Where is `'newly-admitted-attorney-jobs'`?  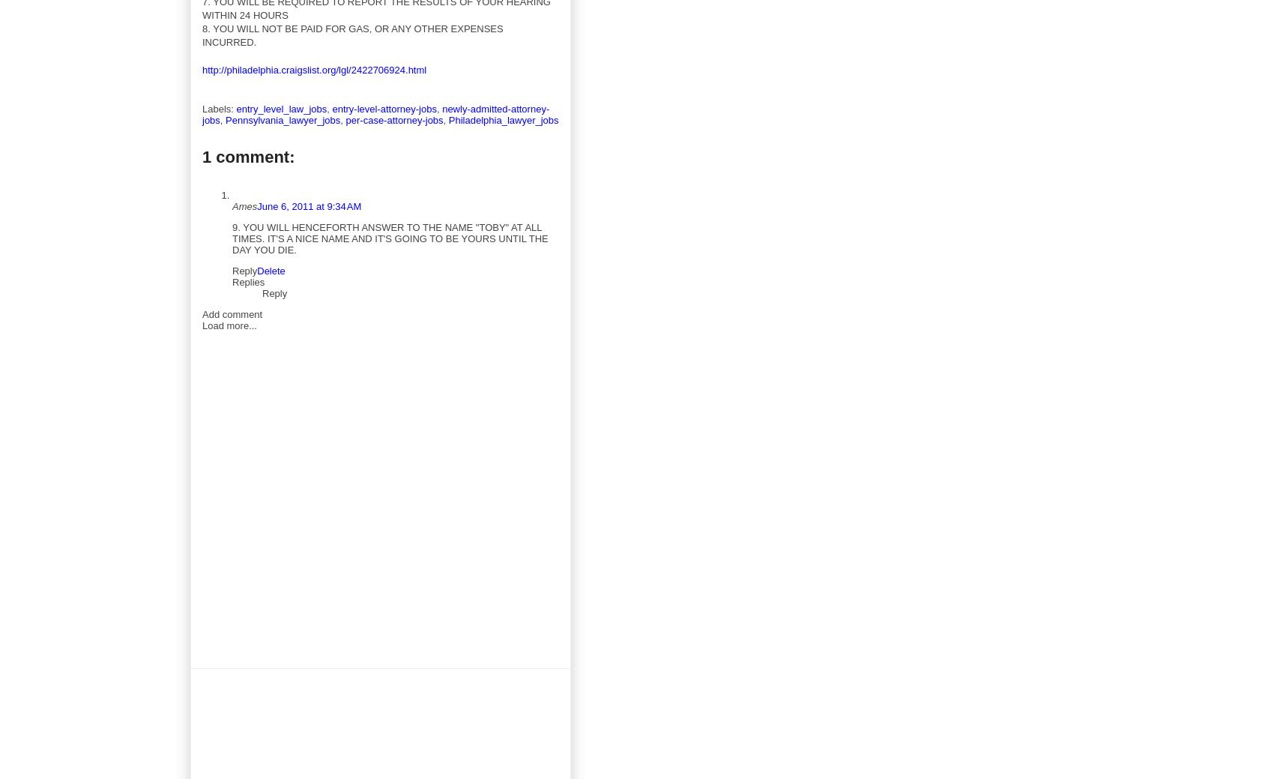 'newly-admitted-attorney-jobs' is located at coordinates (375, 114).